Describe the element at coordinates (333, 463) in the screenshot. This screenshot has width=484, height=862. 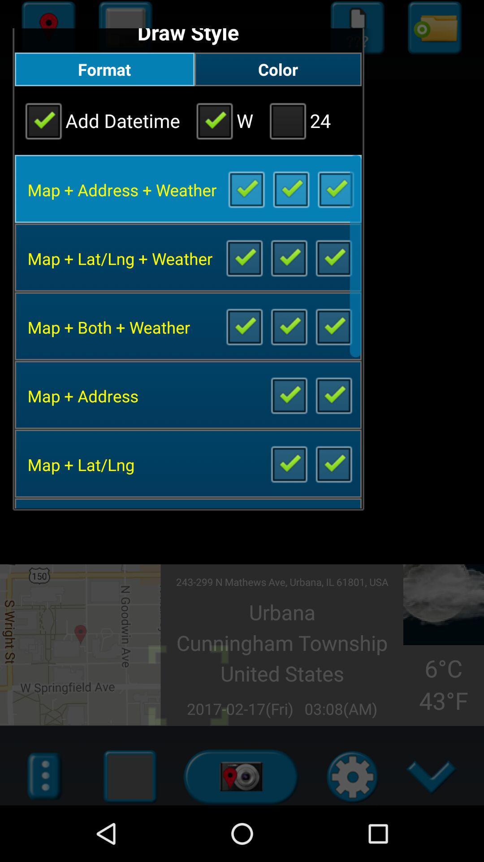
I see `option` at that location.